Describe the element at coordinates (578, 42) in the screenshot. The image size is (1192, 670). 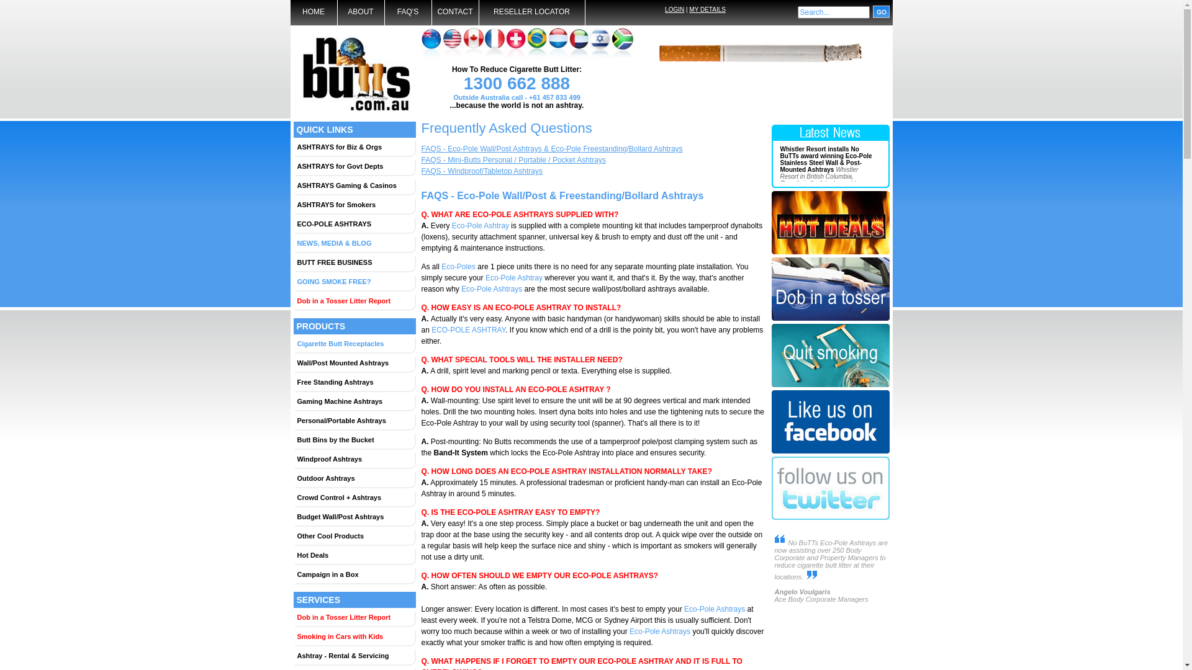
I see `'Contact Details for the Middle East'` at that location.